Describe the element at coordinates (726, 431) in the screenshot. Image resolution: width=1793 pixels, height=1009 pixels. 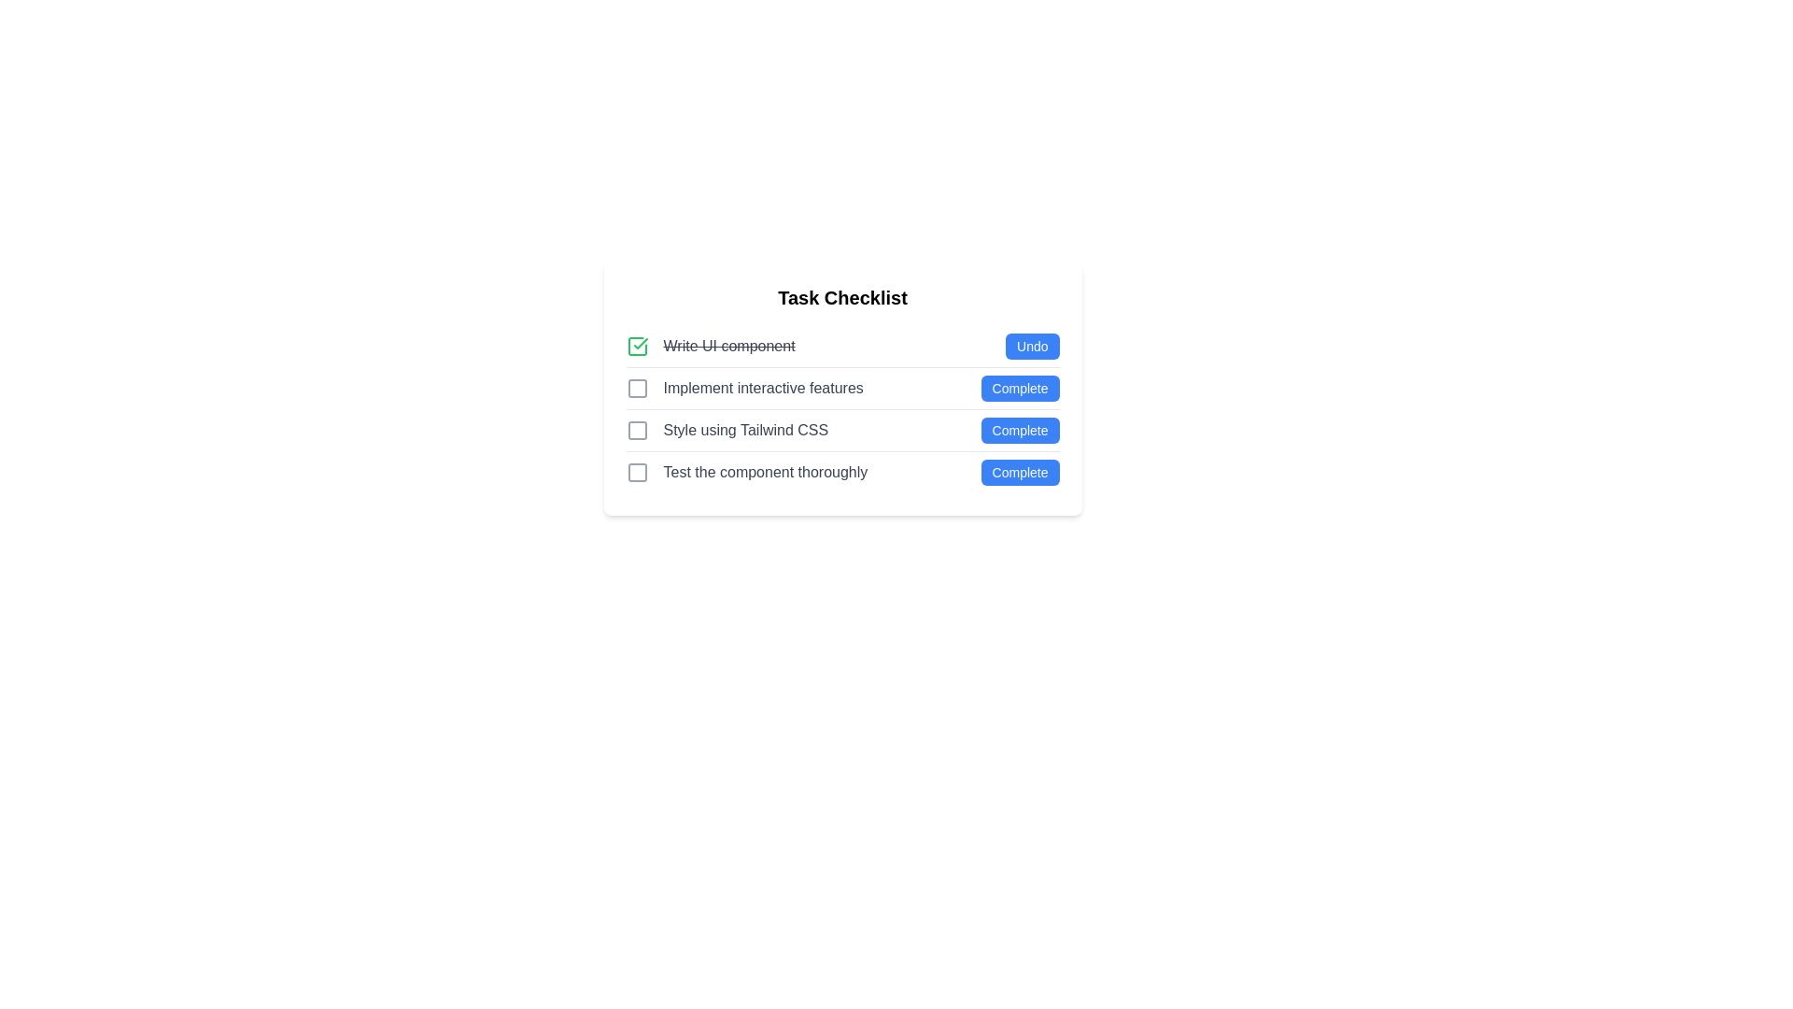
I see `the checkbox associated with the text 'Style using Tailwind CSS' to trigger potential highlighting effects` at that location.